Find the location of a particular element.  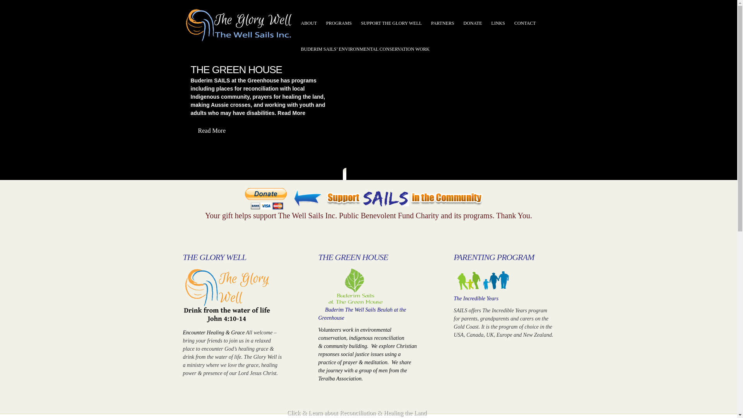

'DONATE' is located at coordinates (473, 23).